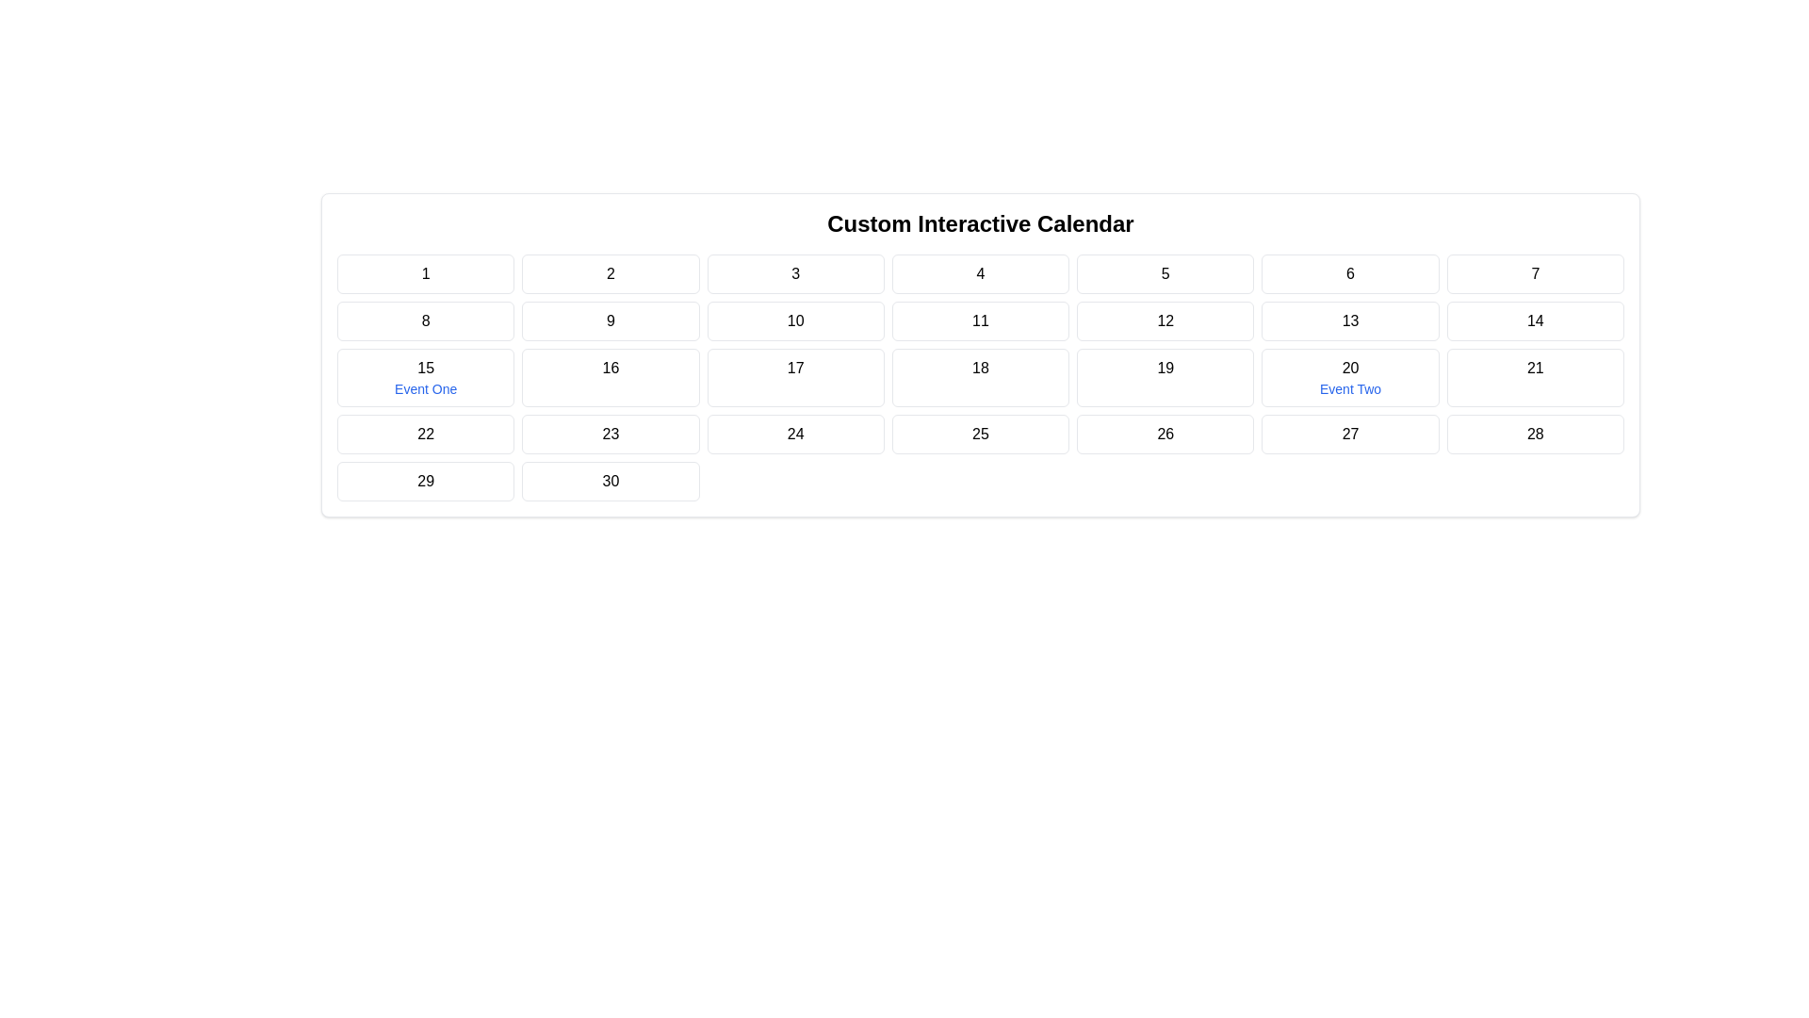 Image resolution: width=1809 pixels, height=1018 pixels. What do you see at coordinates (795, 320) in the screenshot?
I see `the rectangular button labeled '10' in the second row, third column of the grid layout` at bounding box center [795, 320].